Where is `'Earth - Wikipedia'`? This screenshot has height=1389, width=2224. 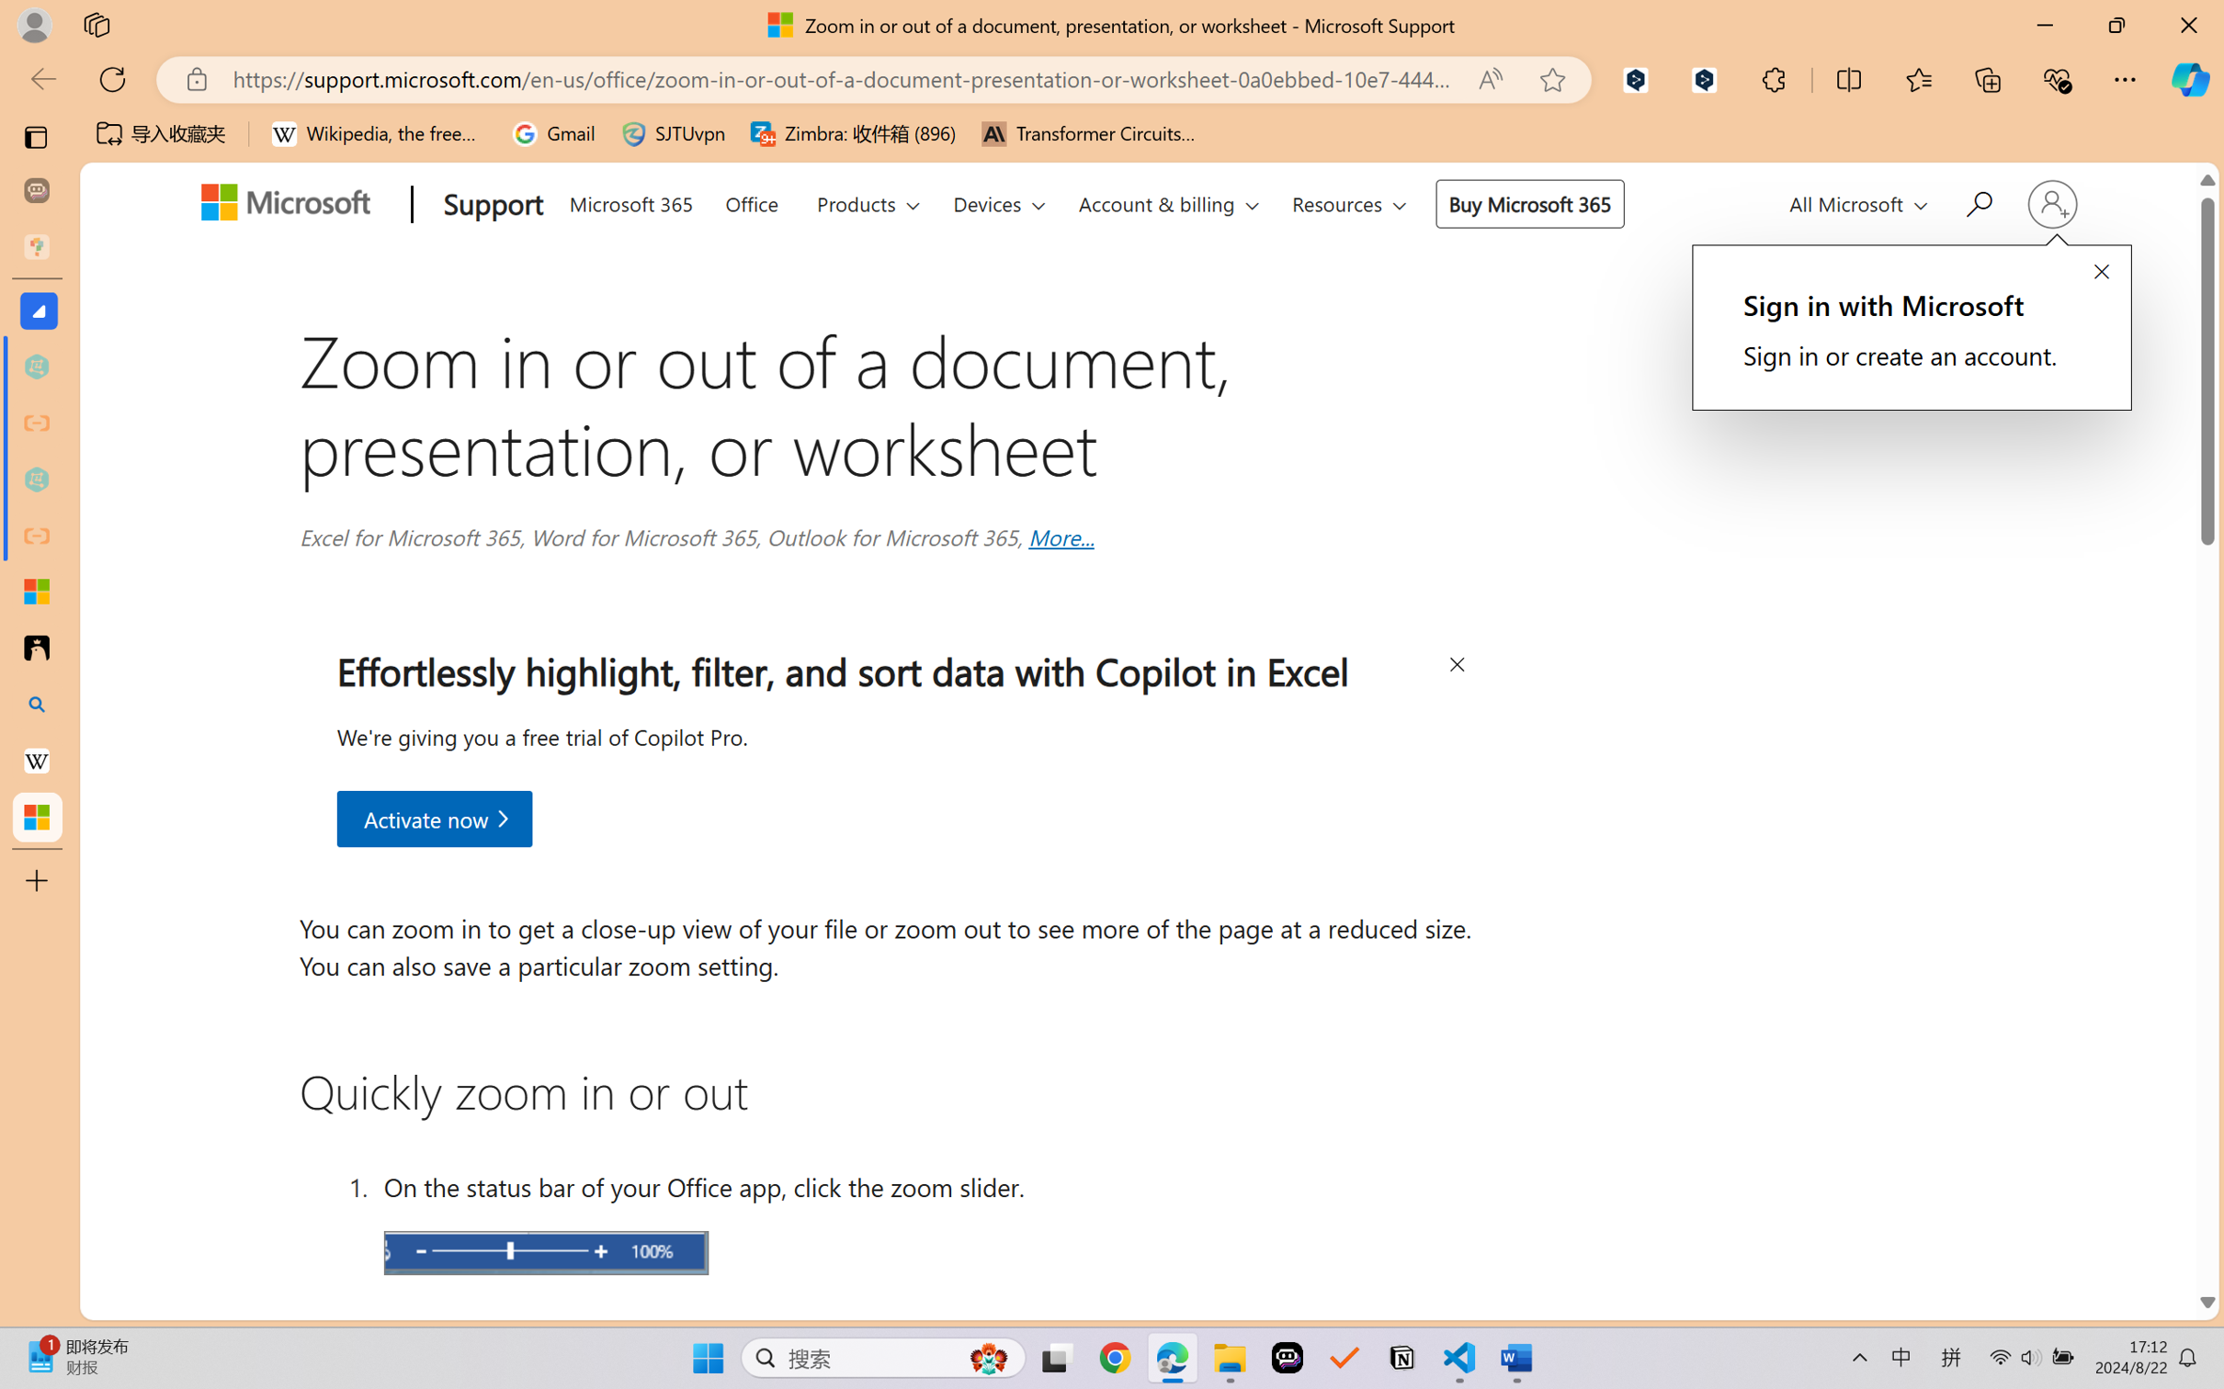 'Earth - Wikipedia' is located at coordinates (36, 760).